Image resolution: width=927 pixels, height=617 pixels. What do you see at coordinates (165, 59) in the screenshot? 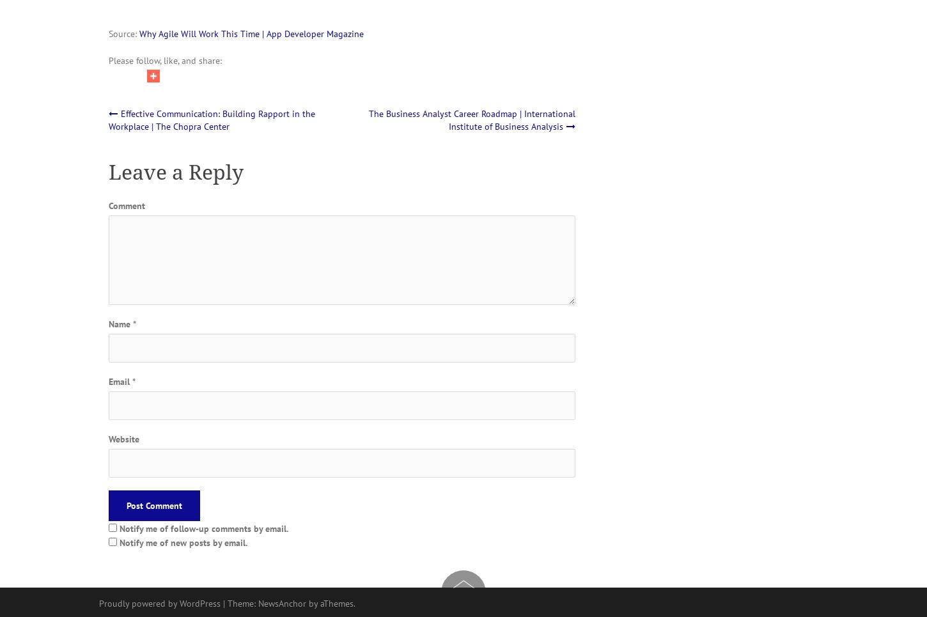
I see `'Please follow, like, and share:'` at bounding box center [165, 59].